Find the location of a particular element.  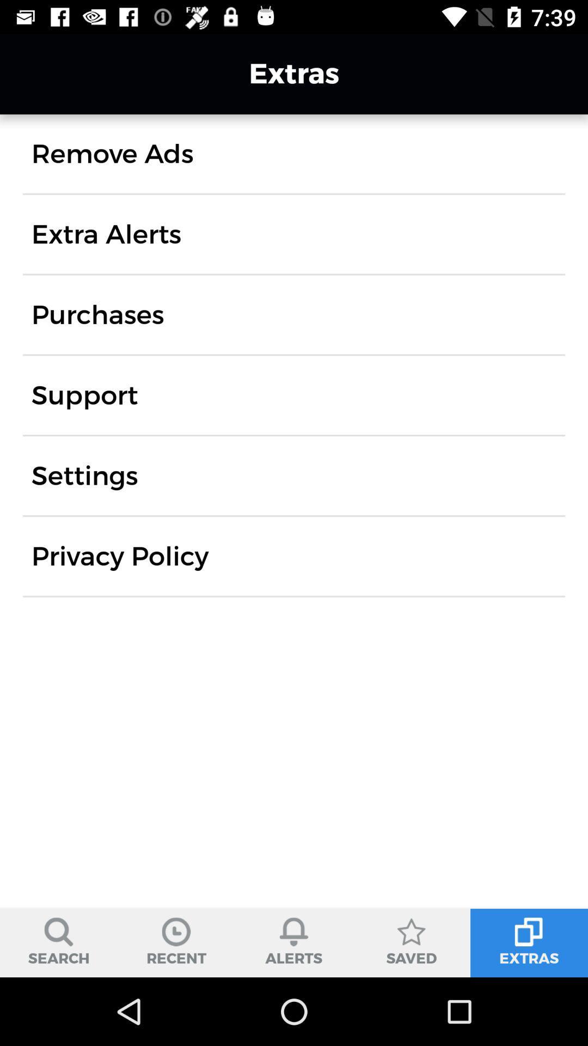

icon above the extra alerts is located at coordinates (112, 153).